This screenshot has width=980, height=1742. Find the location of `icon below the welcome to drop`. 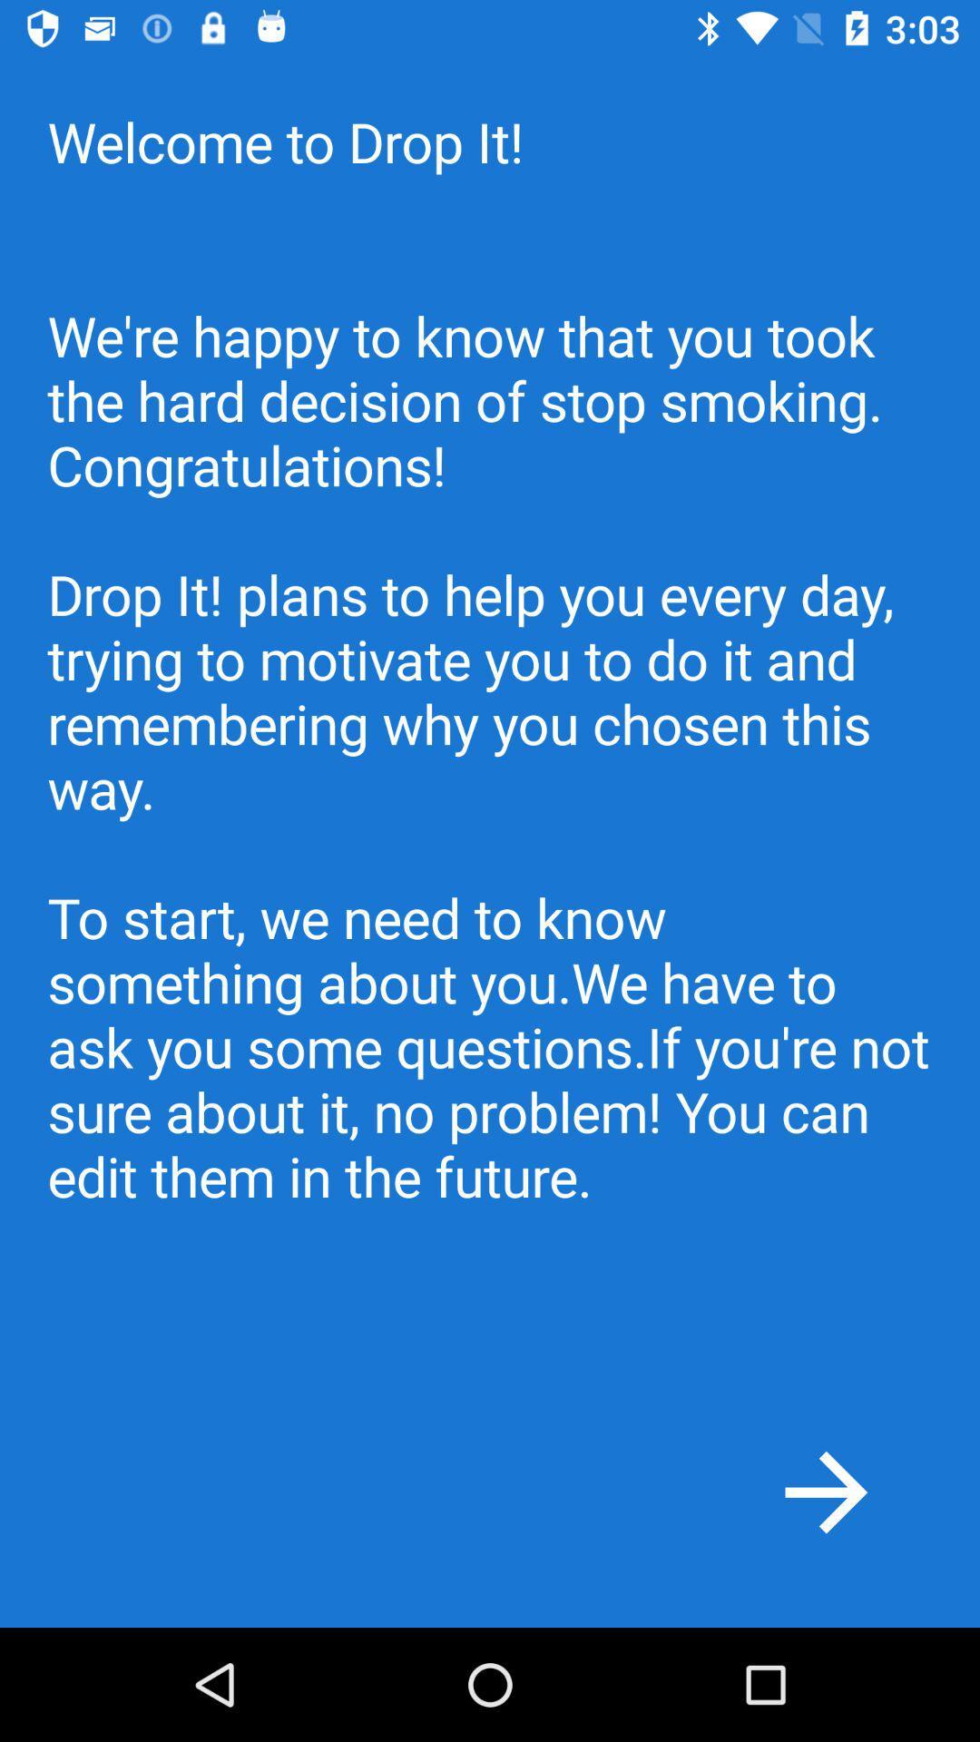

icon below the welcome to drop is located at coordinates (826, 1492).